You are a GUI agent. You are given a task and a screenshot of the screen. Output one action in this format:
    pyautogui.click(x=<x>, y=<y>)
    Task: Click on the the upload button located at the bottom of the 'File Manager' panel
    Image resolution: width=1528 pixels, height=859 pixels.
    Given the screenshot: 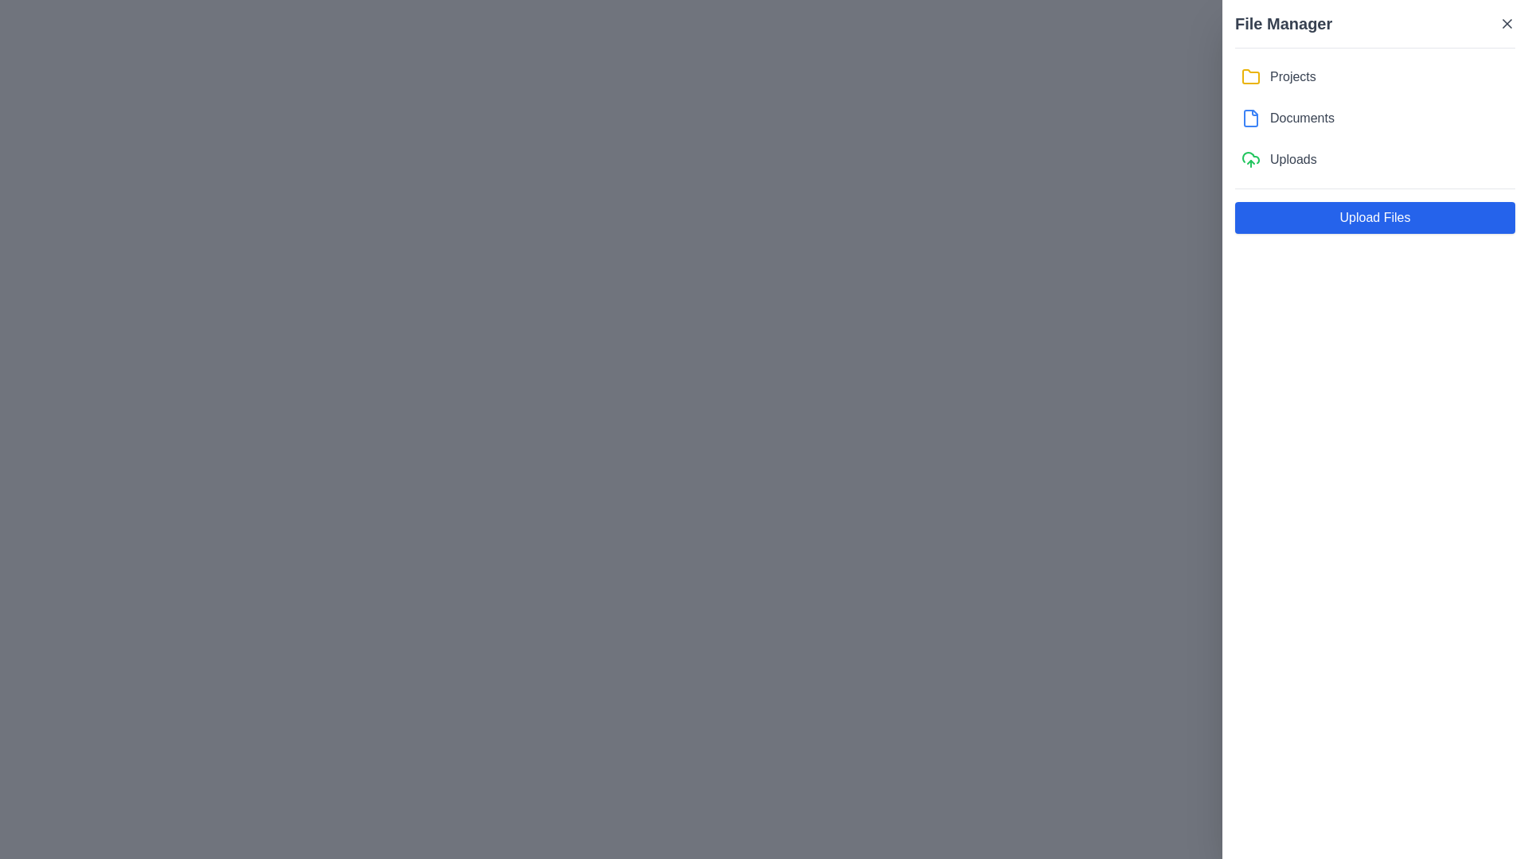 What is the action you would take?
    pyautogui.click(x=1374, y=210)
    